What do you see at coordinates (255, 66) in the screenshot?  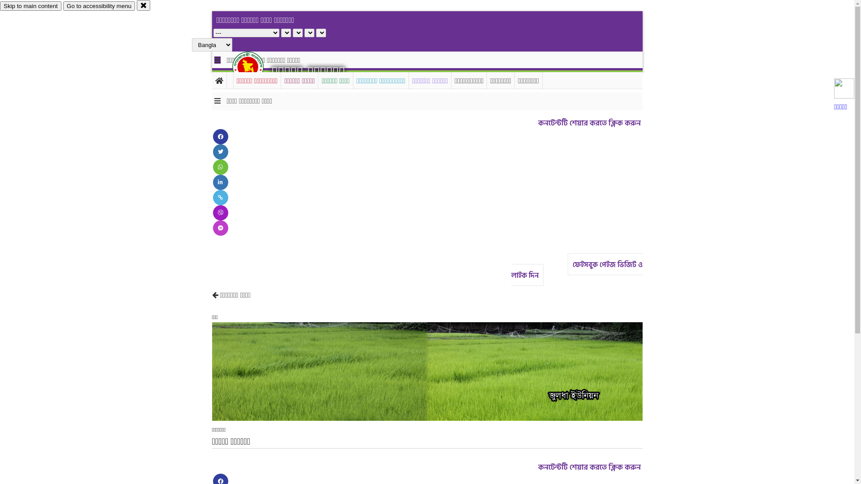 I see `'` at bounding box center [255, 66].